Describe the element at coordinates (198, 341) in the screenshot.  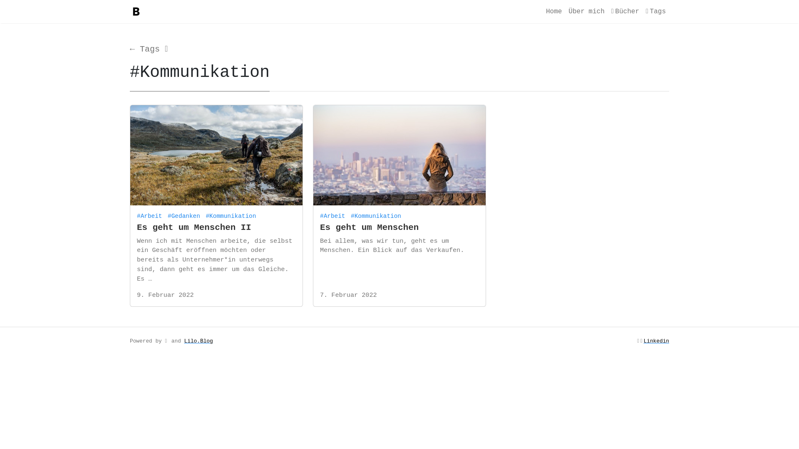
I see `'Lilo.Blog'` at that location.